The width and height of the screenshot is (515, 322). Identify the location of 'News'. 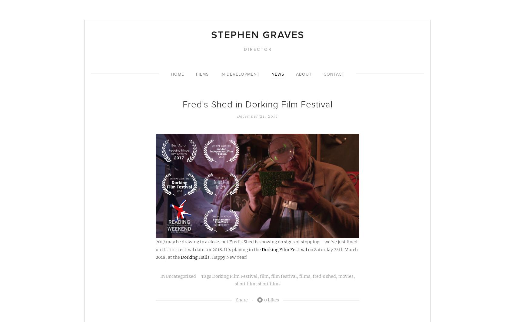
(277, 74).